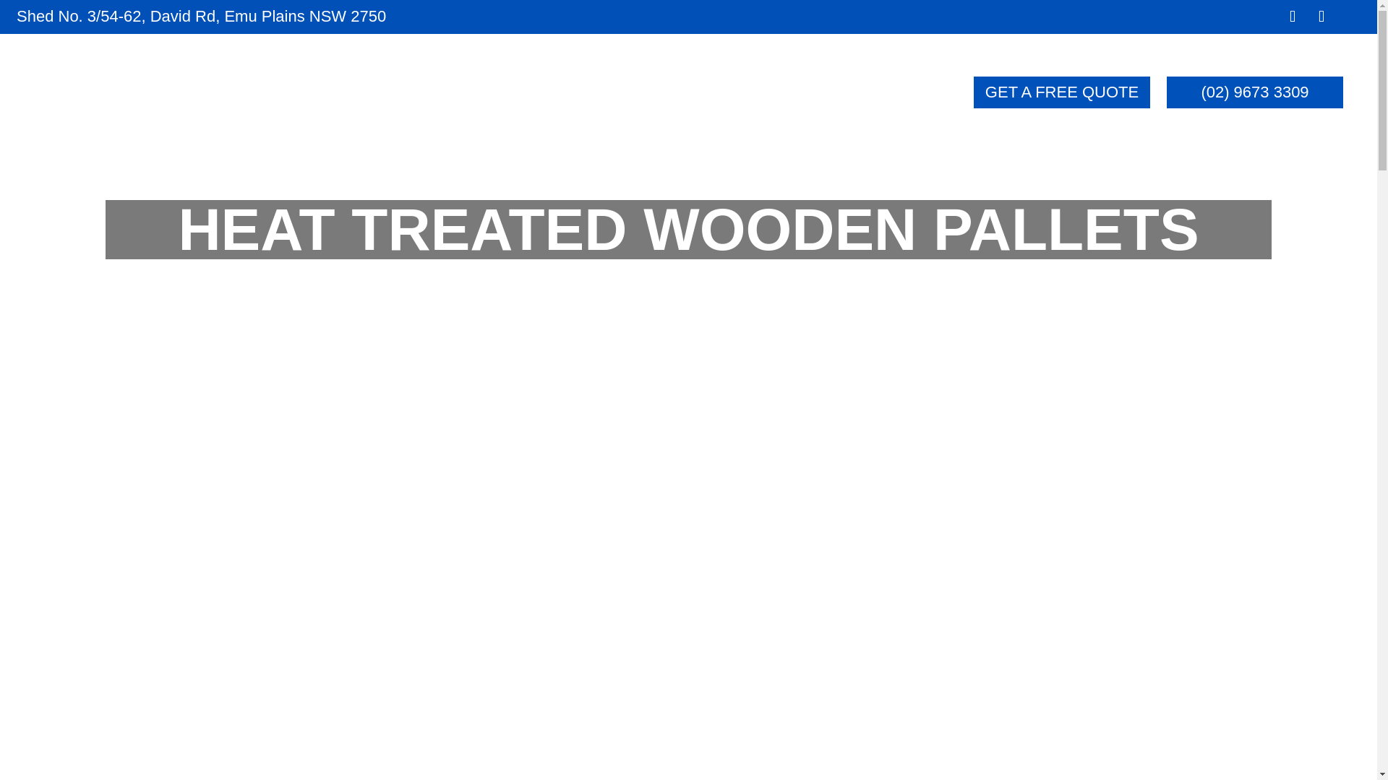 The height and width of the screenshot is (780, 1388). Describe the element at coordinates (1309, 17) in the screenshot. I see `'Seuraa Instagram'` at that location.